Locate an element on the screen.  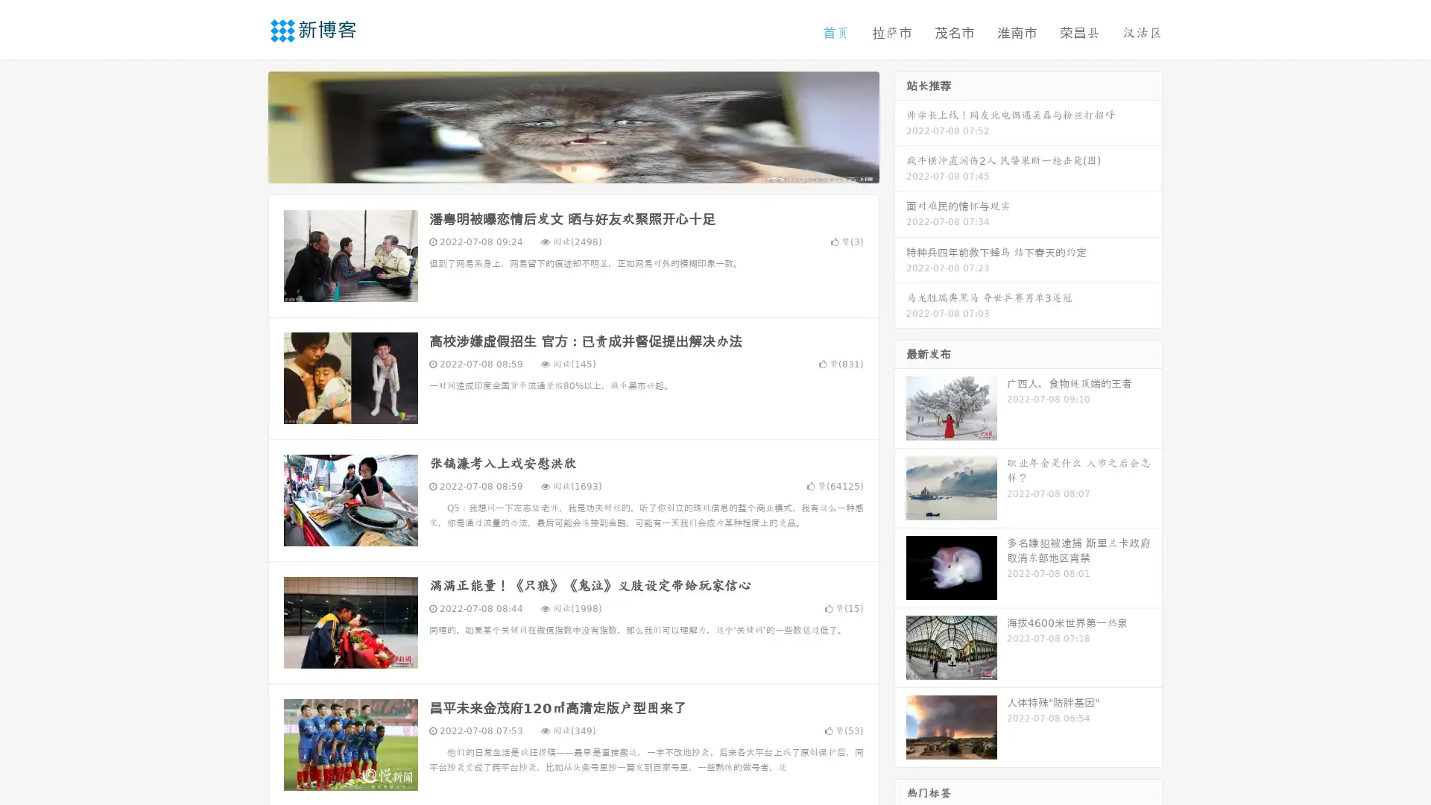
Go to slide 3 is located at coordinates (588, 168).